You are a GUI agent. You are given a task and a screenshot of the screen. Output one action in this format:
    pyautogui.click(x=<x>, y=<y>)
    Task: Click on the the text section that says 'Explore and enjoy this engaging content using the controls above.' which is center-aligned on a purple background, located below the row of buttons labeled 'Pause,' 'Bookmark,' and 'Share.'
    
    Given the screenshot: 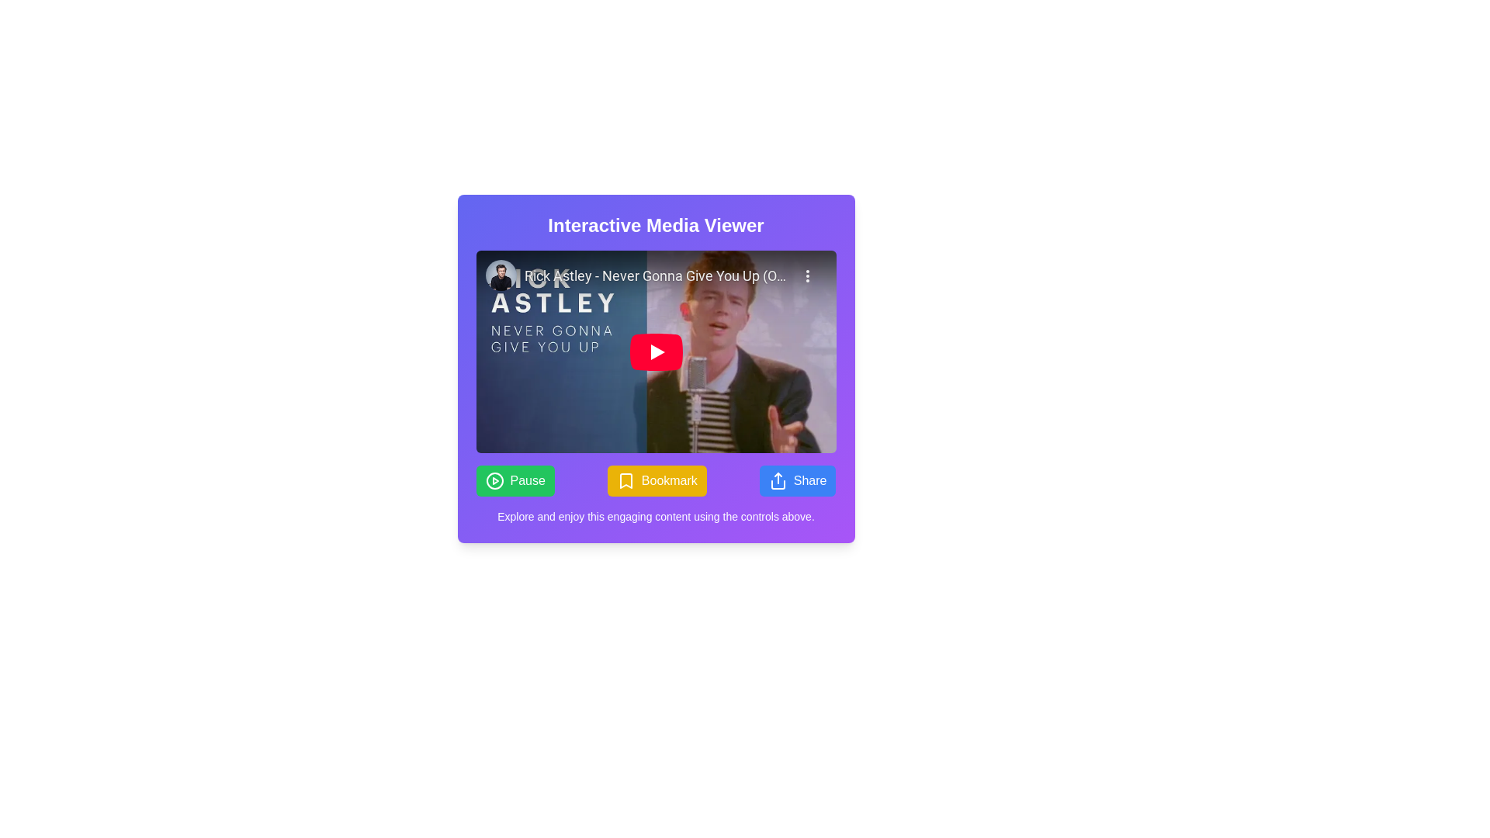 What is the action you would take?
    pyautogui.click(x=656, y=517)
    